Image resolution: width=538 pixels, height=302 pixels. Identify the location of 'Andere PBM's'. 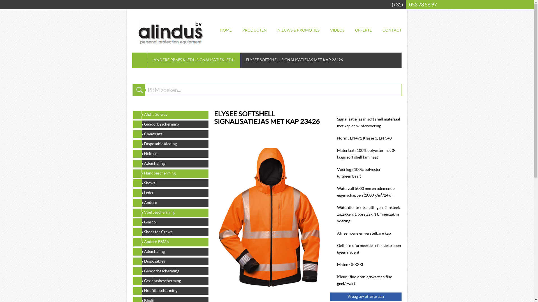
(170, 241).